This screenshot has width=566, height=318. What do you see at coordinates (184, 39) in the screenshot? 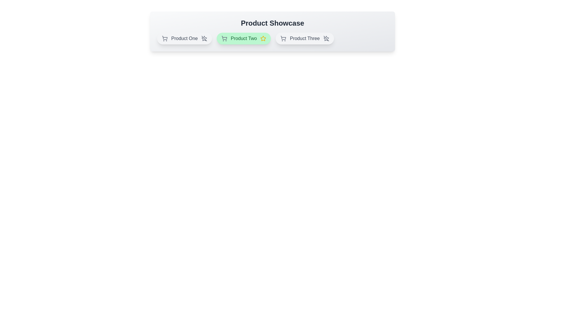
I see `the product chip corresponding to Product One to toggle its featured status` at bounding box center [184, 39].